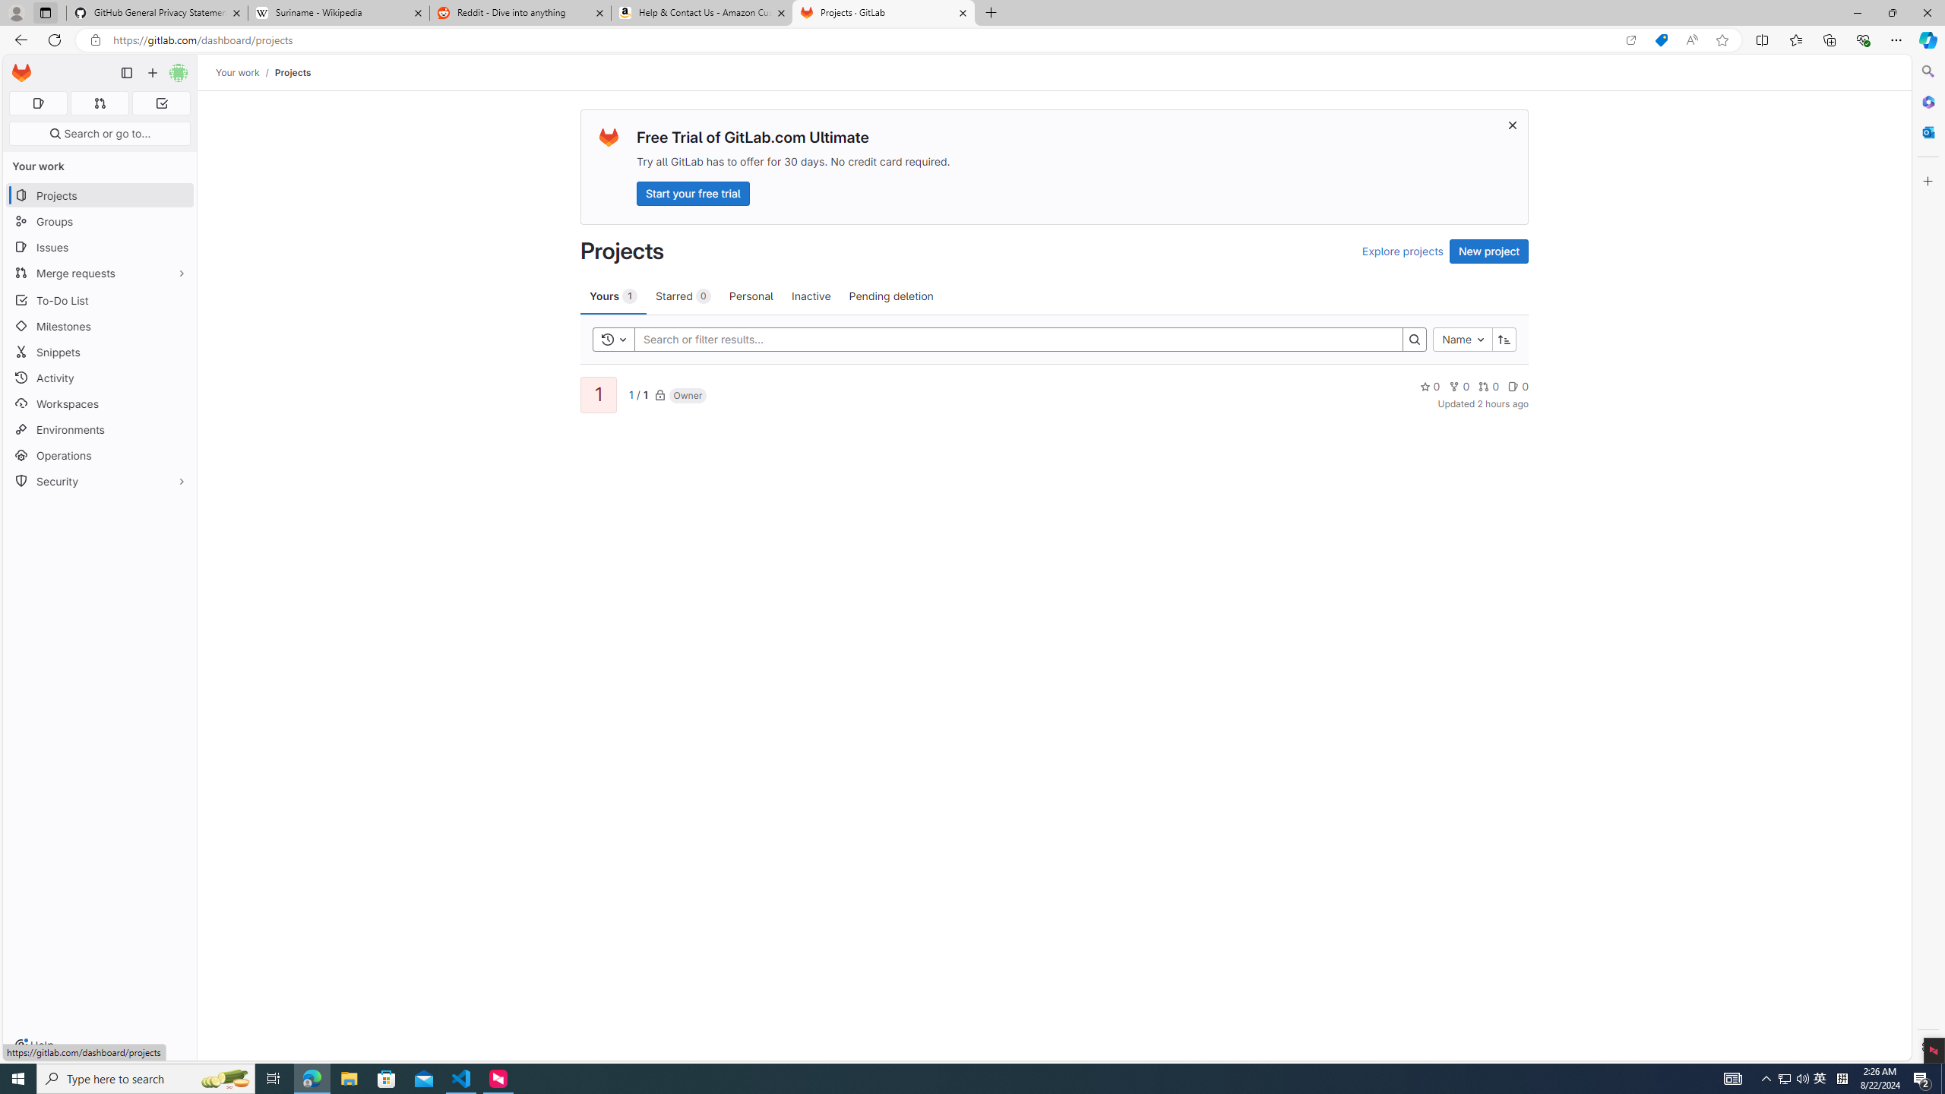 This screenshot has width=1945, height=1094. What do you see at coordinates (99, 247) in the screenshot?
I see `'Issues'` at bounding box center [99, 247].